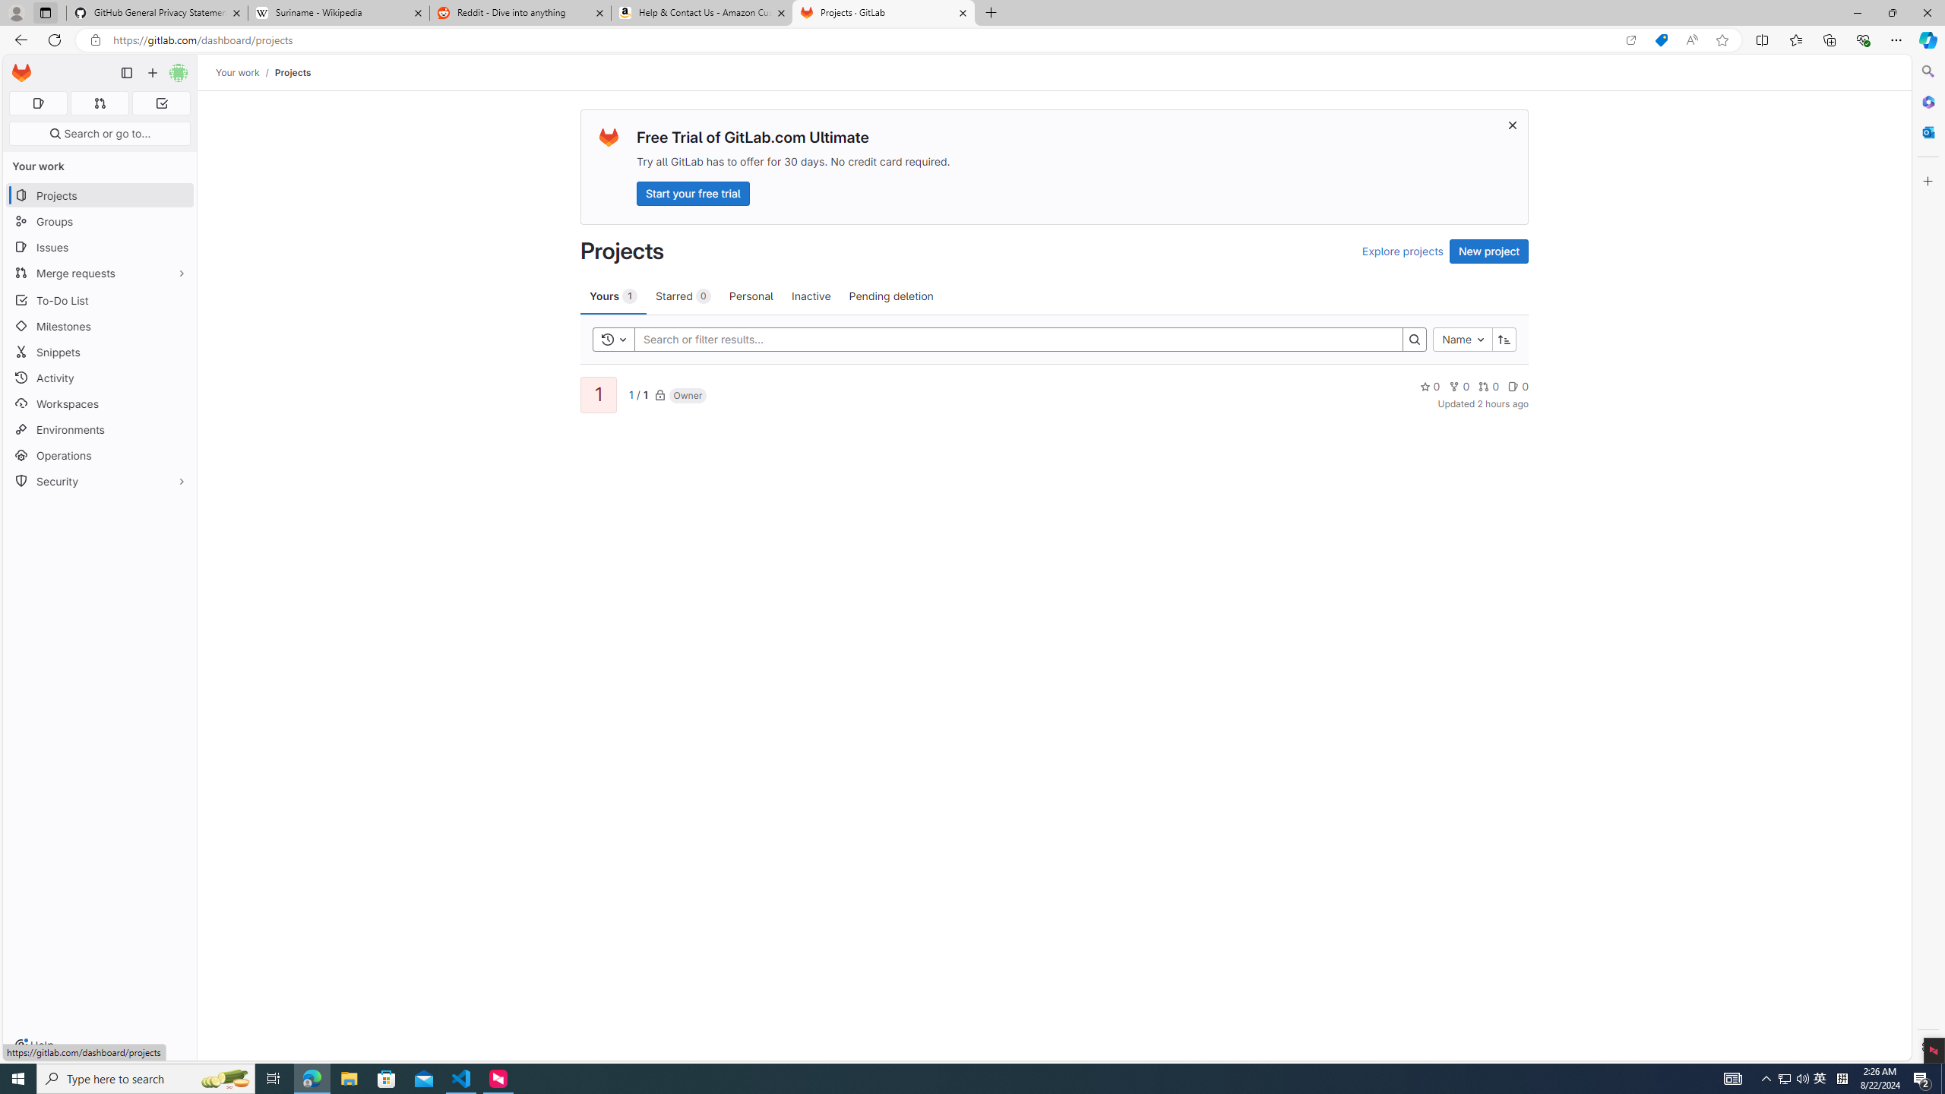 This screenshot has width=1945, height=1094. What do you see at coordinates (99, 247) in the screenshot?
I see `'Issues'` at bounding box center [99, 247].